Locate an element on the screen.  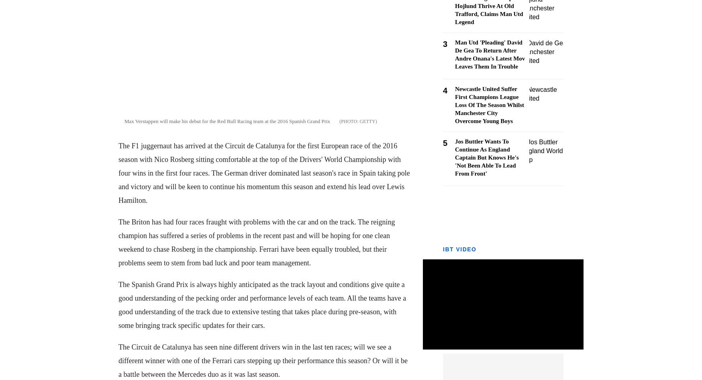
'- Crypto' is located at coordinates (9, 33).